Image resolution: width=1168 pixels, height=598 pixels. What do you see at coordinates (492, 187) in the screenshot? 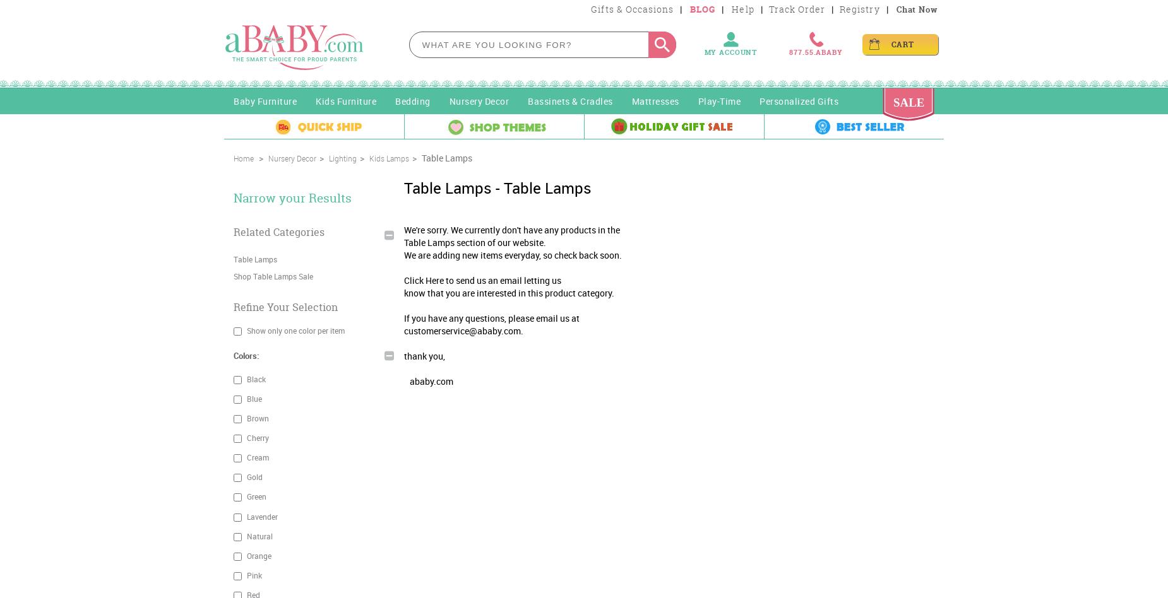
I see `'- Table Lamps'` at bounding box center [492, 187].